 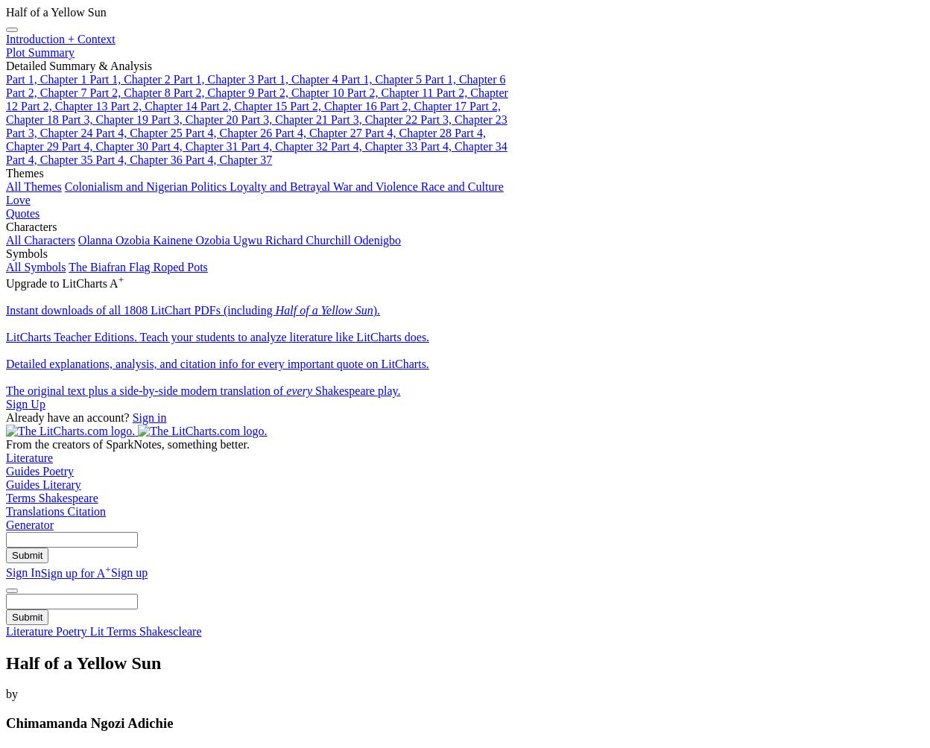 What do you see at coordinates (29, 524) in the screenshot?
I see `'Generator'` at bounding box center [29, 524].